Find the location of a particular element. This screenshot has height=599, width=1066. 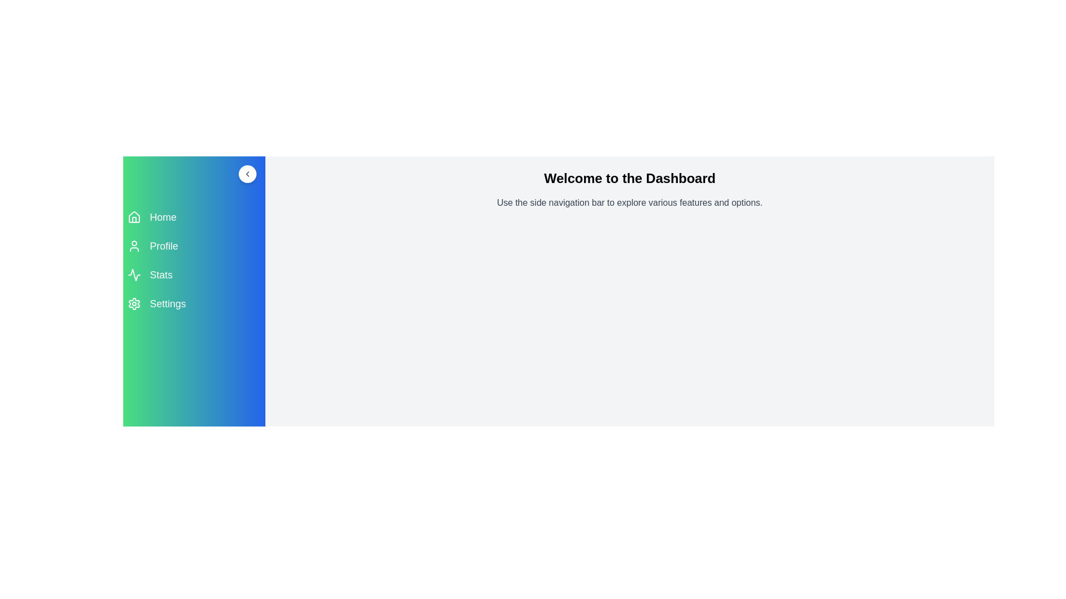

the 'Home' button located at the top of the vertical navigation menu on the left side of the interface is located at coordinates (194, 217).